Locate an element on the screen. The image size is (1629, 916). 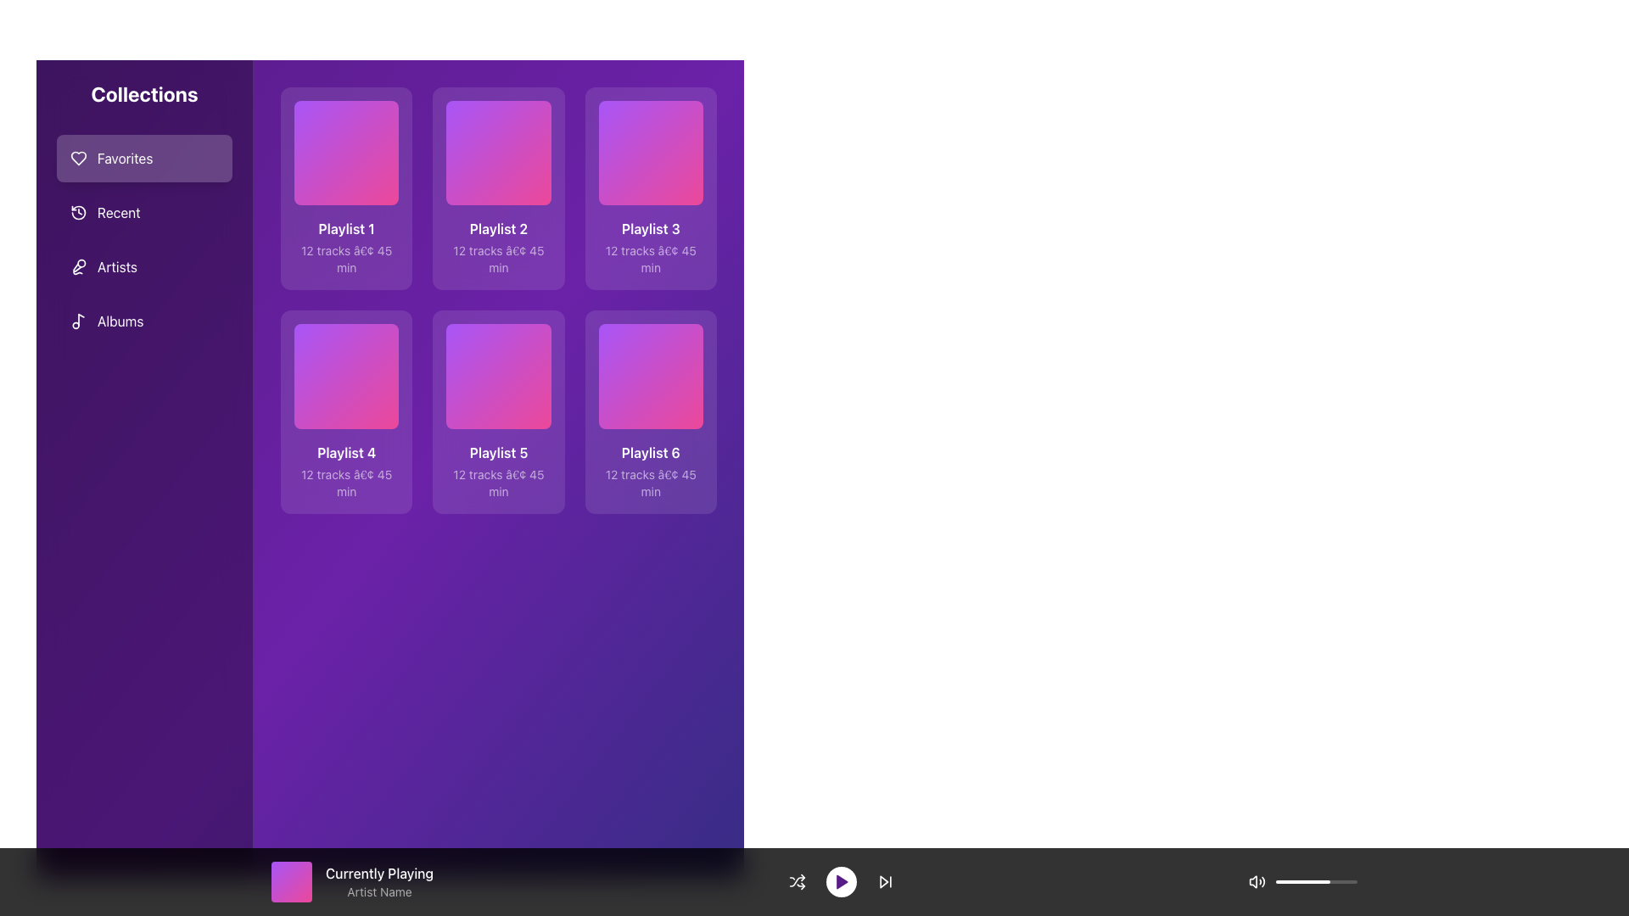
the Information Display Section at the bottom center of the application interface, which shows the currently playing music track title and artist's name is located at coordinates (814, 881).